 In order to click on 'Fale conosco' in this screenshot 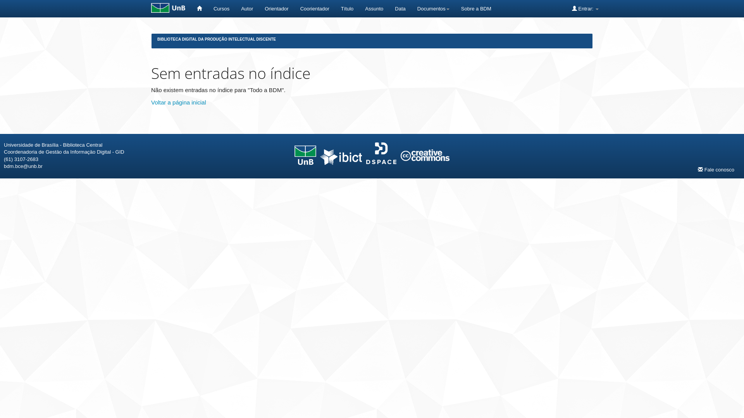, I will do `click(716, 169)`.